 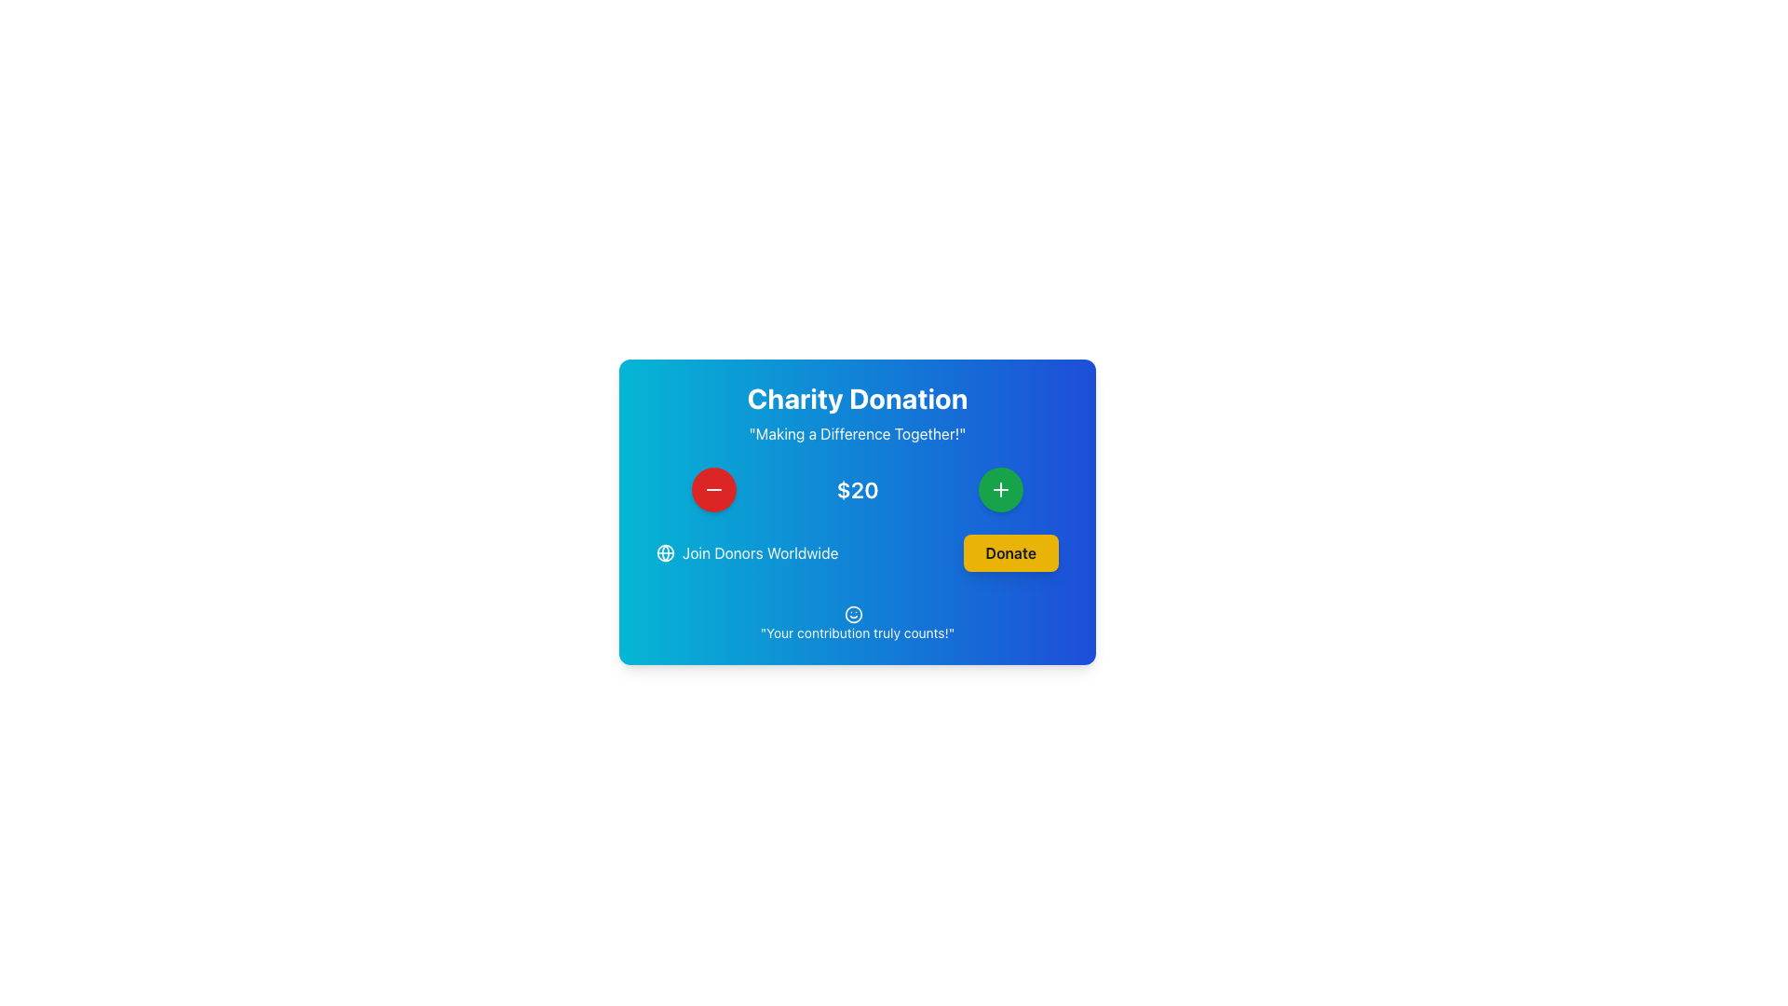 What do you see at coordinates (1000, 488) in the screenshot?
I see `the green circular button with a white plus sign at its center to observe the hover effect` at bounding box center [1000, 488].